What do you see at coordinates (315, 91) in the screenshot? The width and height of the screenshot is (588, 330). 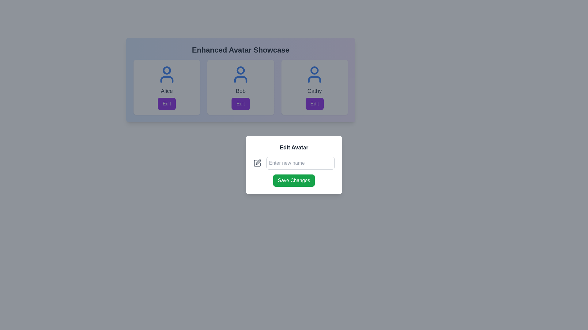 I see `the text label displaying the name associated with the avatar in the third card, located below the avatar icon and above the 'Edit' button` at bounding box center [315, 91].